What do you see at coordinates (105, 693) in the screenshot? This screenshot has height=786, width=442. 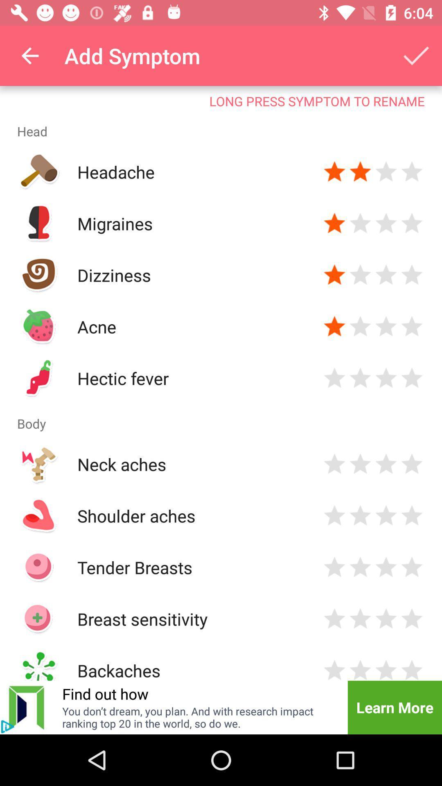 I see `find out how item` at bounding box center [105, 693].